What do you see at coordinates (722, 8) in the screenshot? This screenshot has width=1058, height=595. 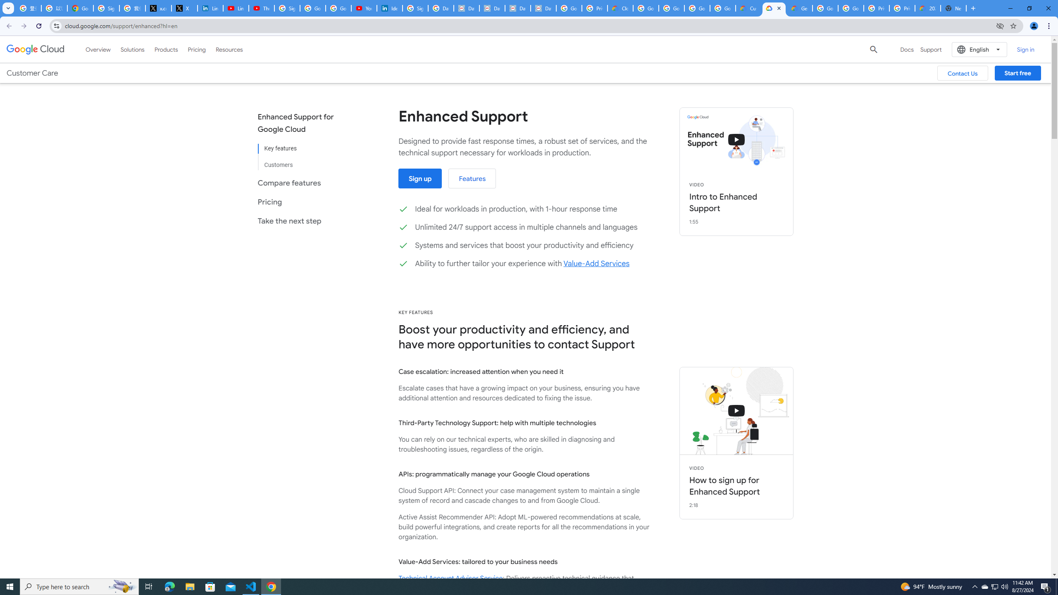 I see `'Google Workspace - Specific Terms'` at bounding box center [722, 8].